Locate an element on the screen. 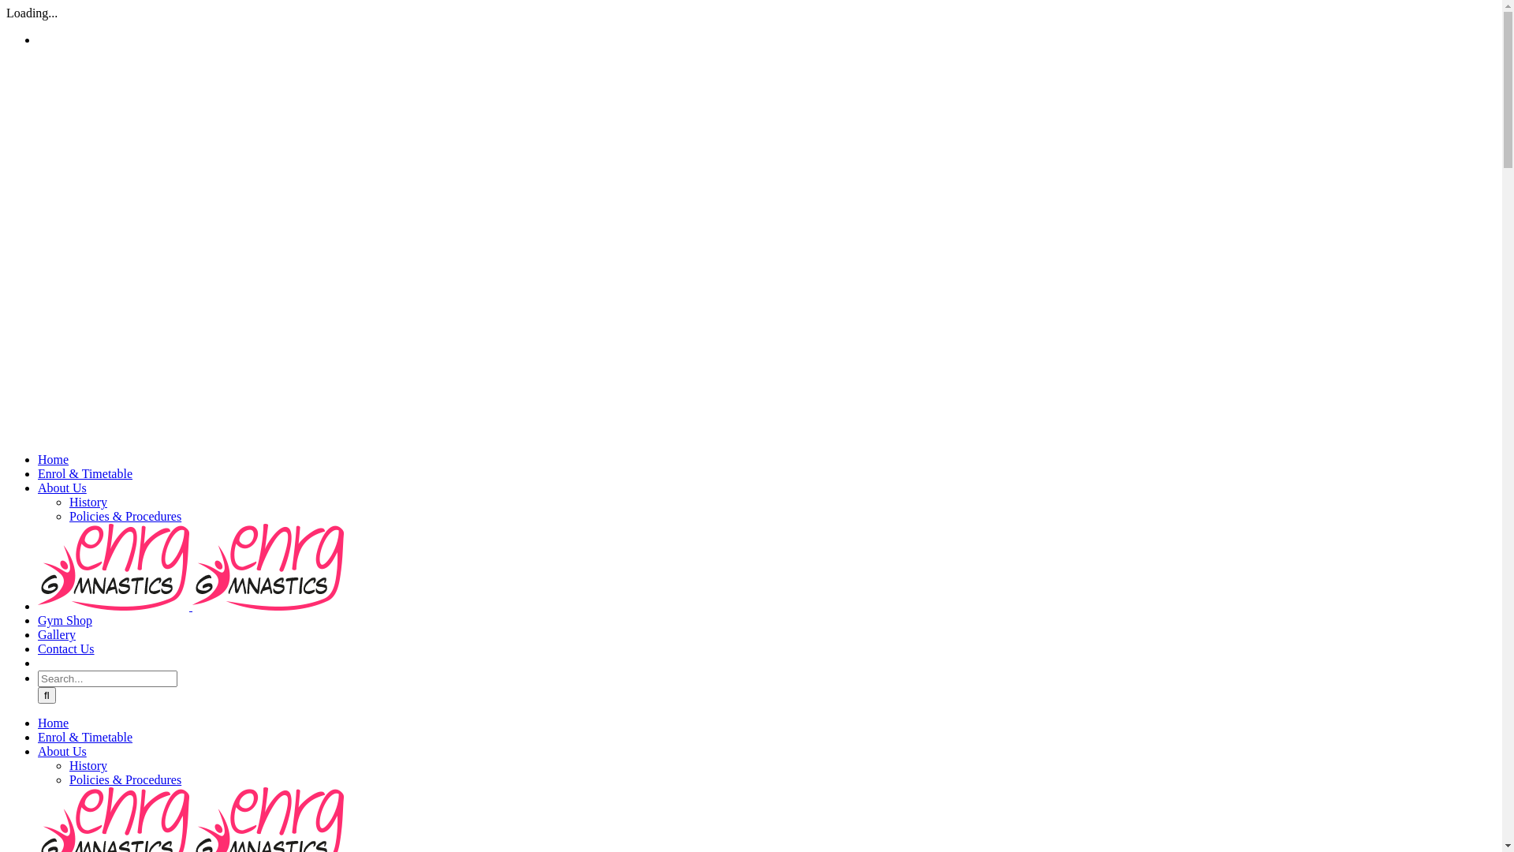  'Skip to content' is located at coordinates (5, 6).